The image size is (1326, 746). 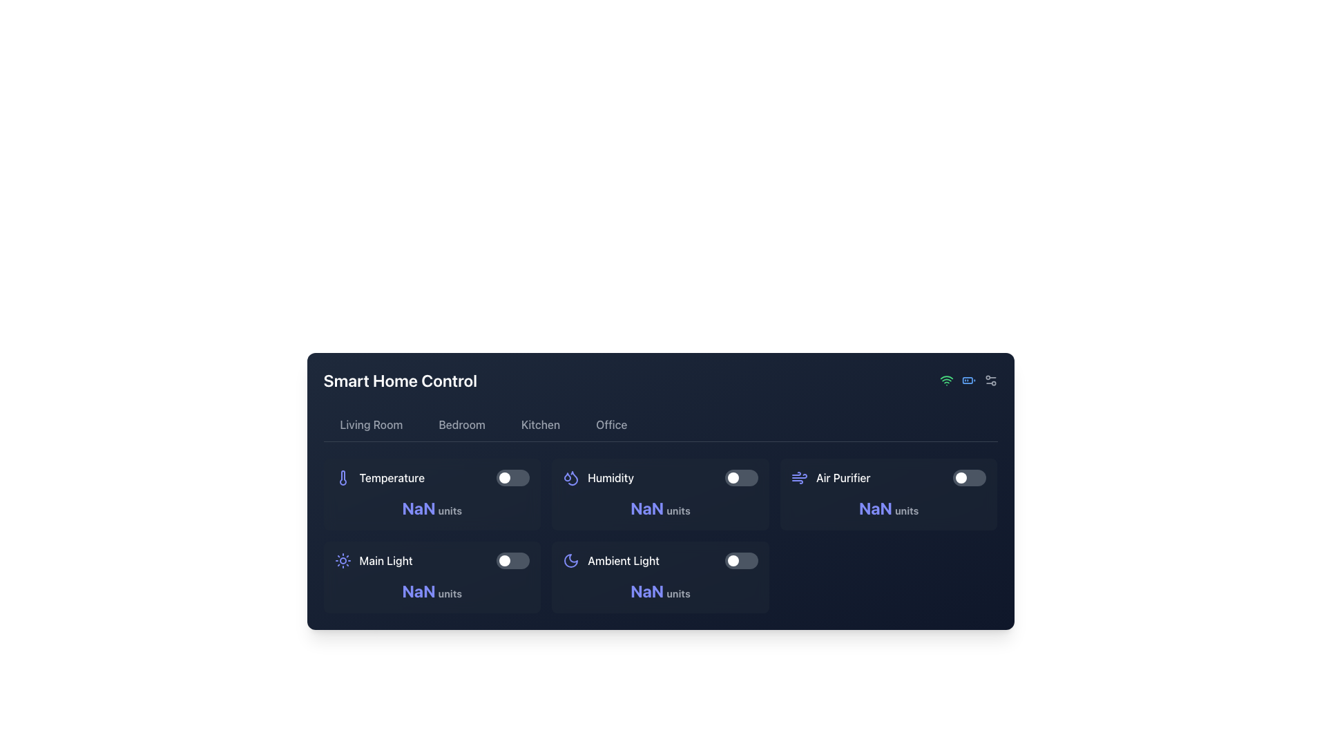 I want to click on the toggle switch button for the 'Air Purifier' control to change its state from inactive to active, so click(x=961, y=477).